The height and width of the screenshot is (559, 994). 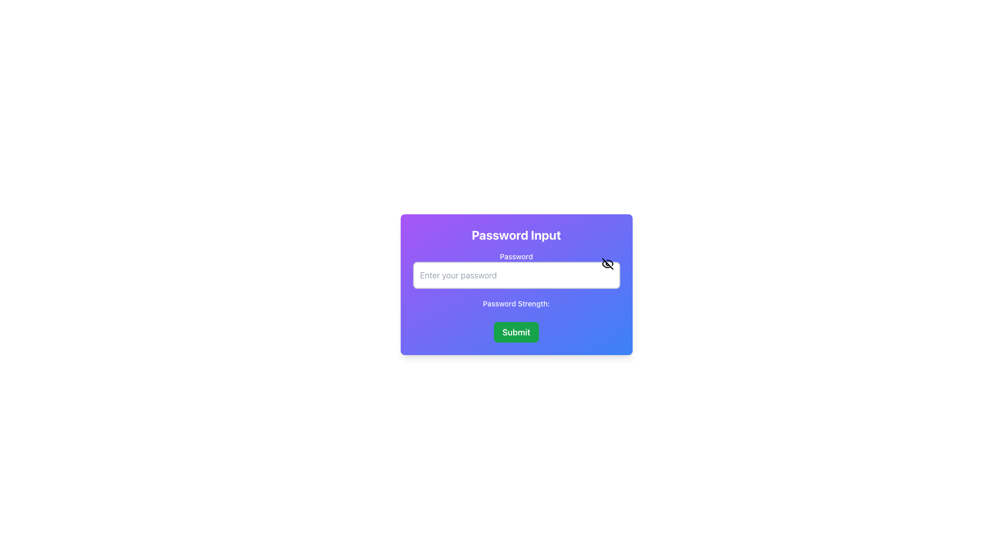 I want to click on the 'Password' text label element, which is styled in medium bold font and positioned above the password input field, so click(x=516, y=256).